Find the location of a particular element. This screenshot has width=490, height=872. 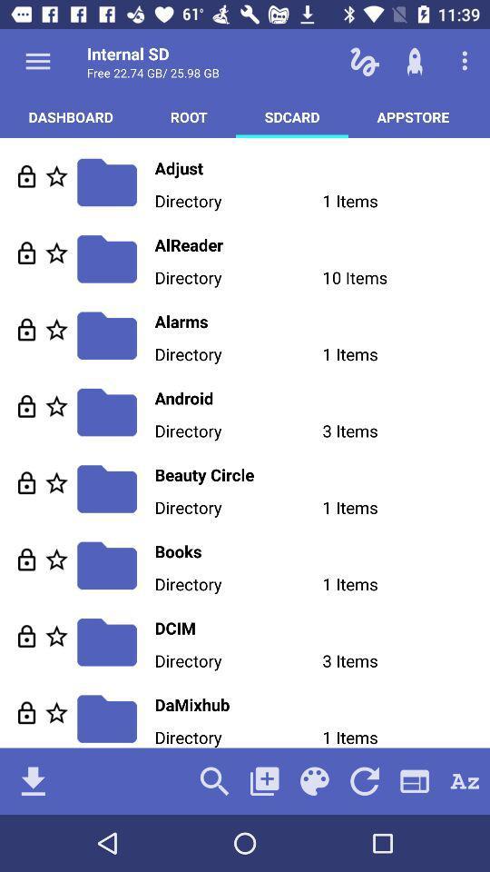

visit the item is located at coordinates (25, 636).